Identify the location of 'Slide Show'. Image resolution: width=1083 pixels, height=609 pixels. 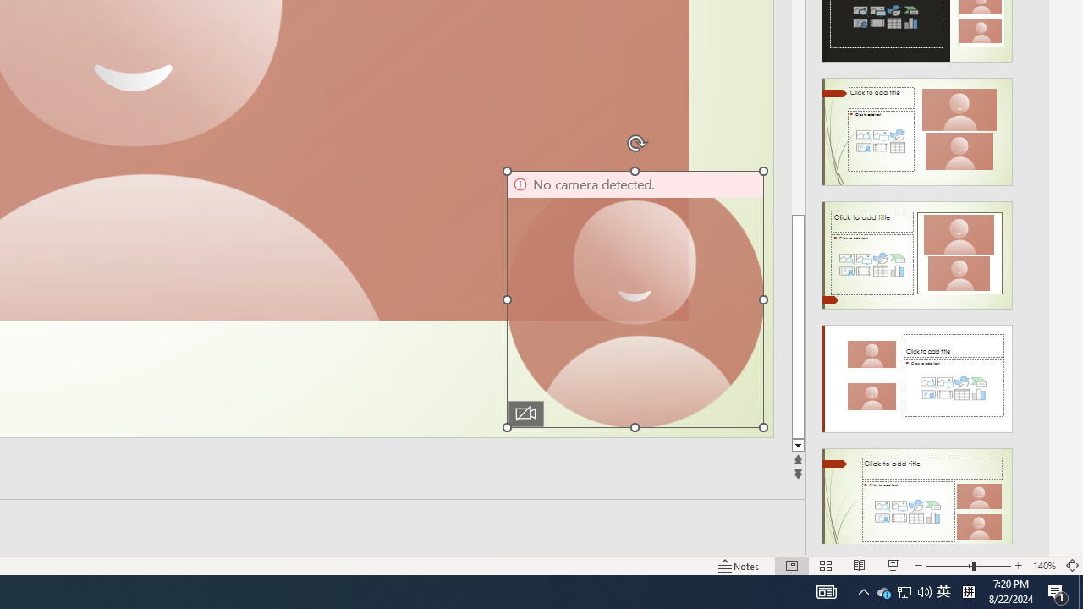
(893, 566).